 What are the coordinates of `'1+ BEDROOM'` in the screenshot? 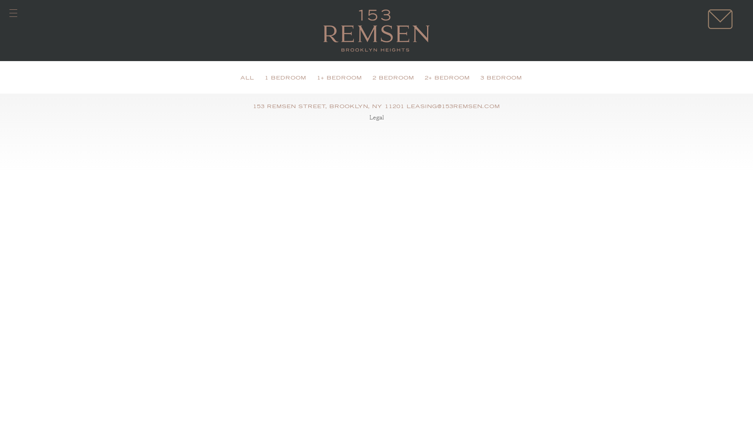 It's located at (339, 78).